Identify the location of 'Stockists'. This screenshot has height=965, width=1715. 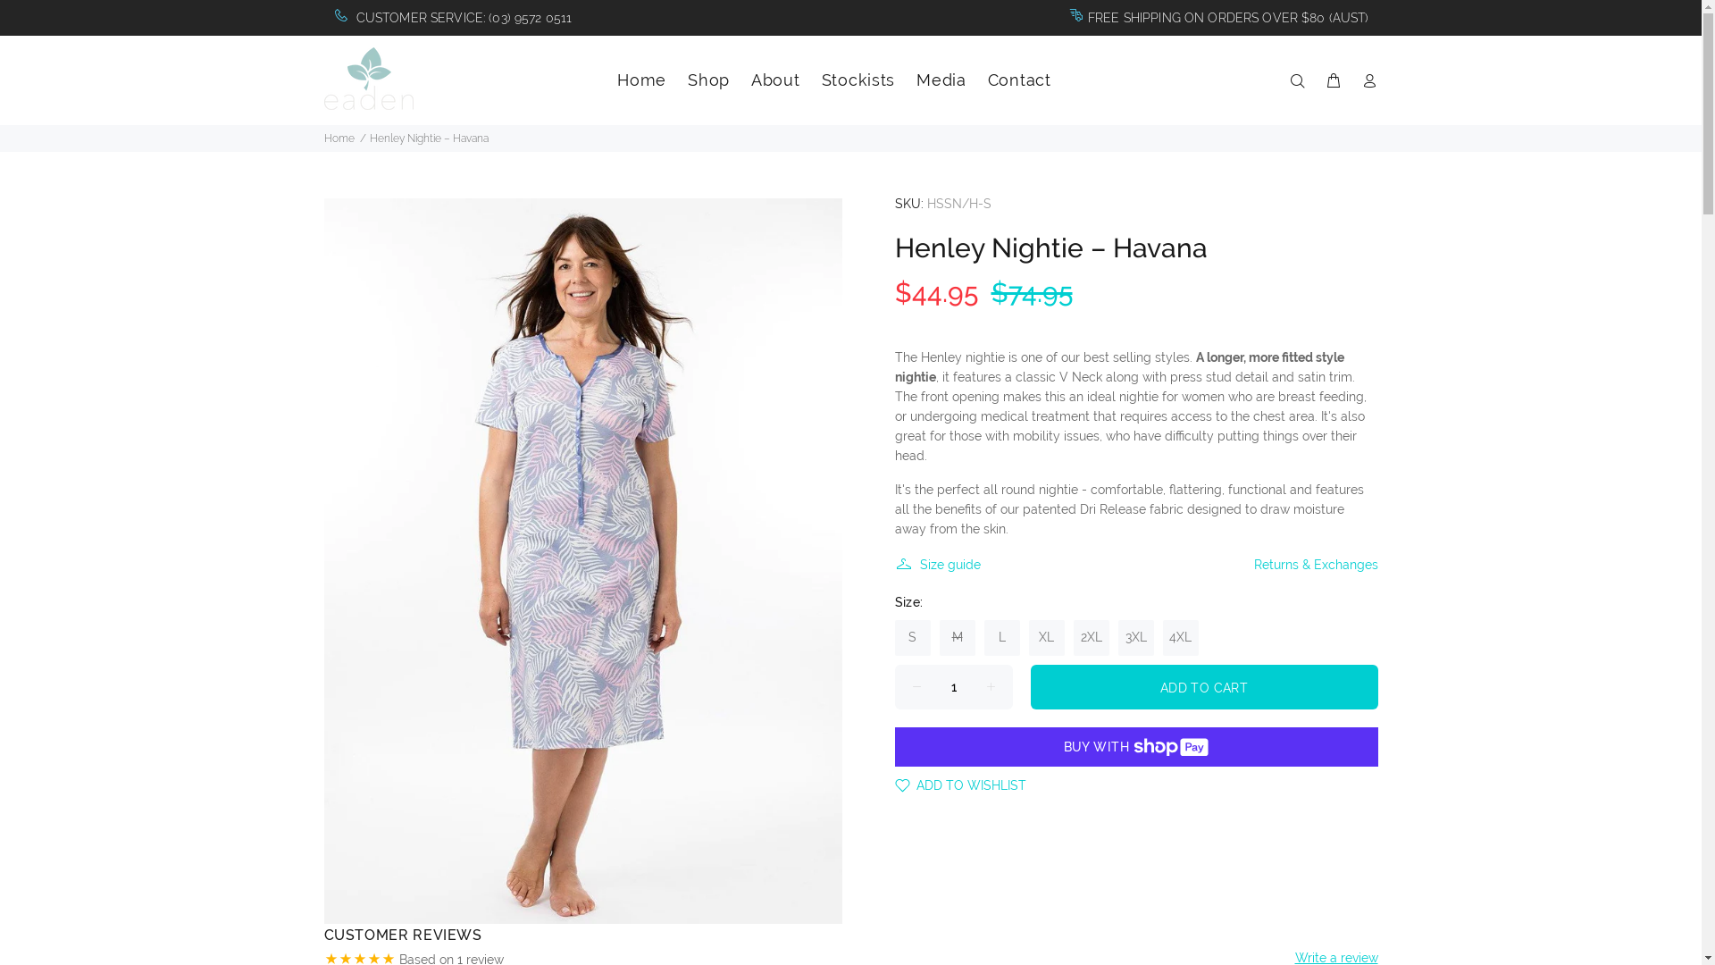
(826, 79).